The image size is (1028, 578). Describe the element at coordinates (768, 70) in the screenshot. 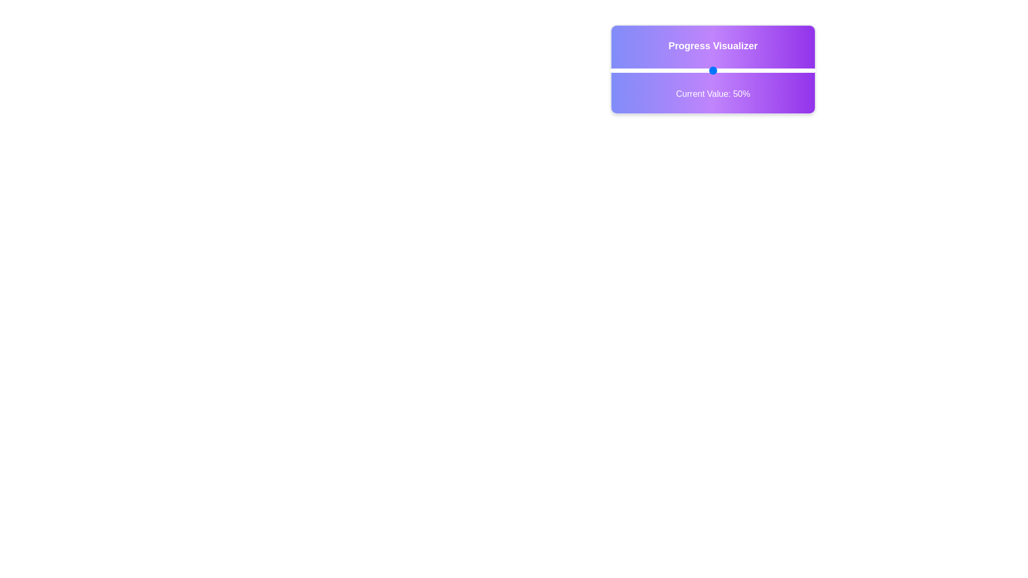

I see `the slider to set the progress value to 77` at that location.